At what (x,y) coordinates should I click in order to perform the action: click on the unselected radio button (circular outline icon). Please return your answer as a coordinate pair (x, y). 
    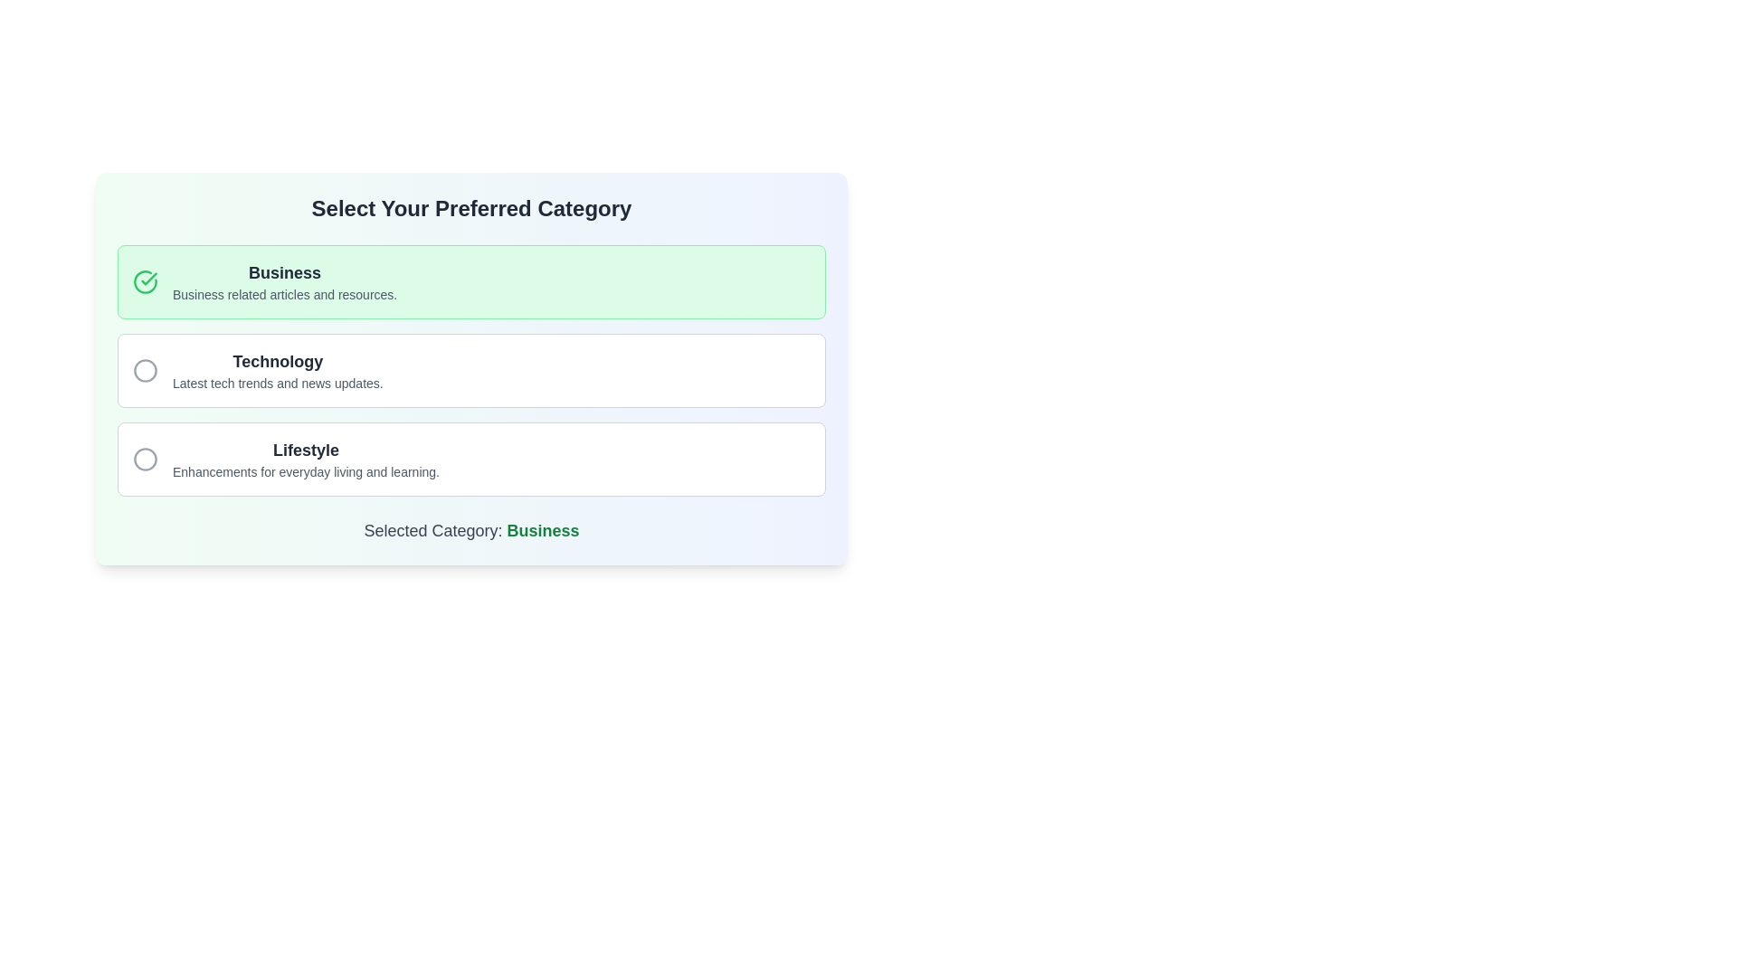
    Looking at the image, I should click on (146, 459).